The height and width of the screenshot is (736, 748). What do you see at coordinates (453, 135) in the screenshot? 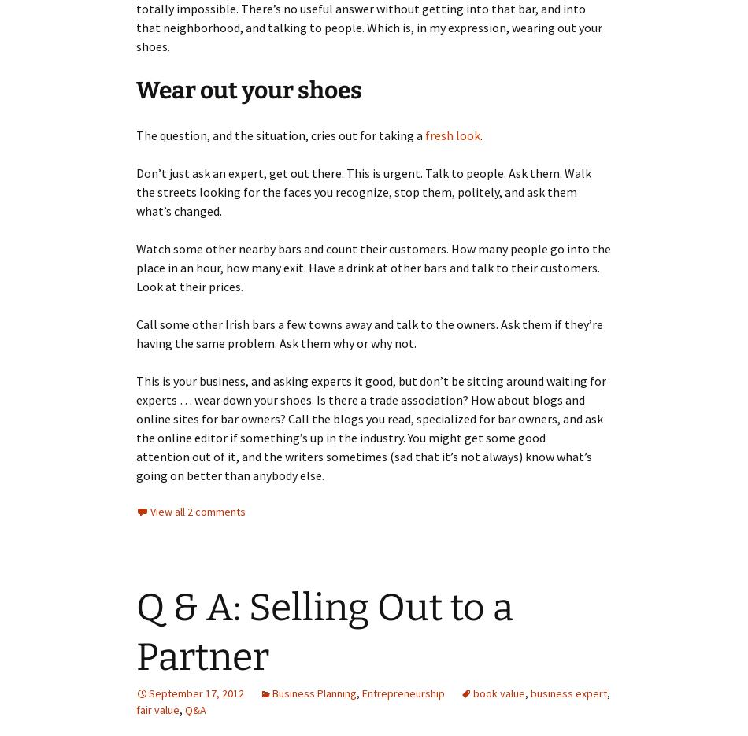
I see `'fresh look'` at bounding box center [453, 135].